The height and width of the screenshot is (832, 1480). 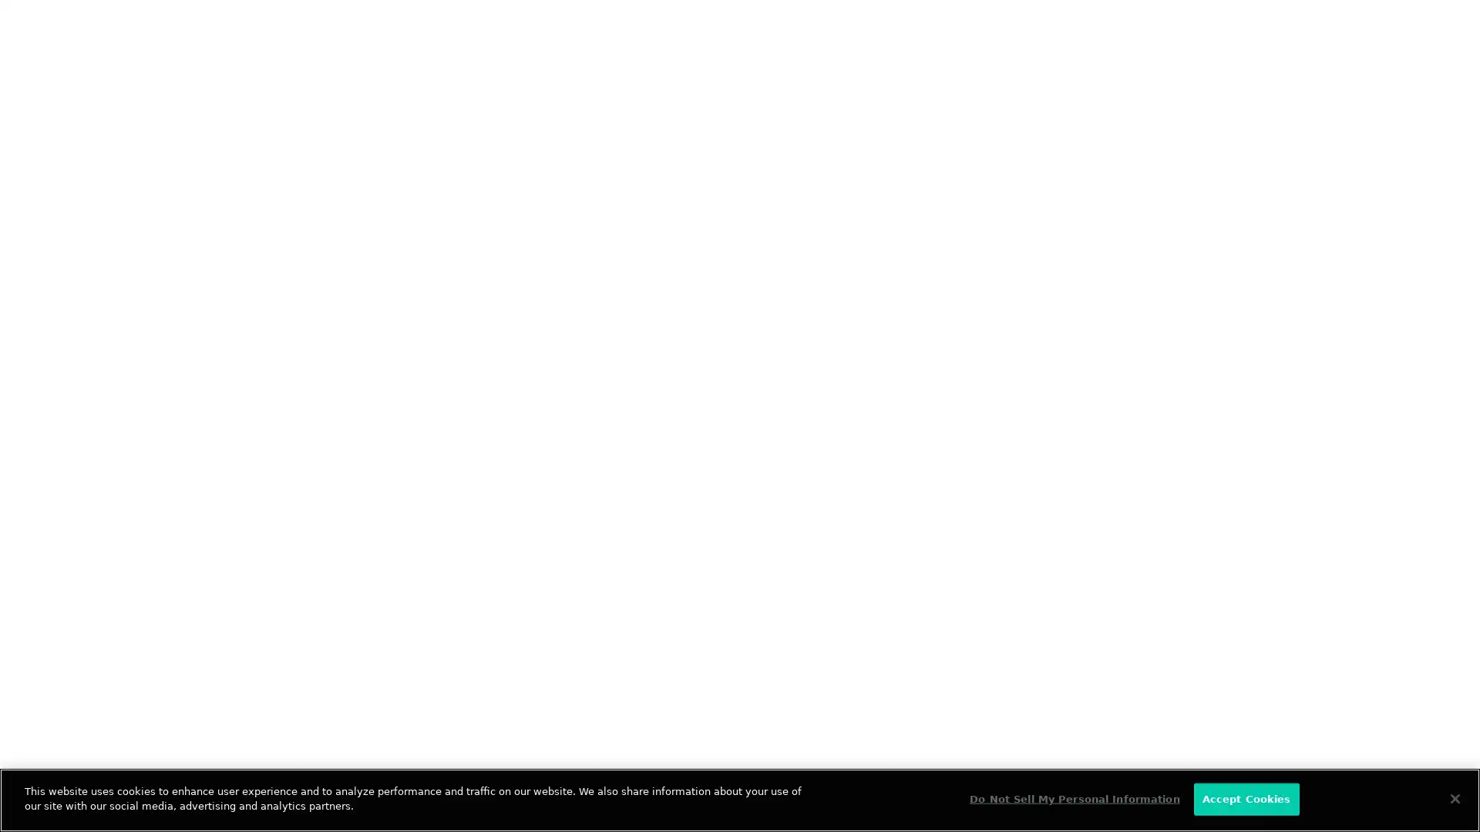 I want to click on Do Not Sell My Personal Information, so click(x=1073, y=798).